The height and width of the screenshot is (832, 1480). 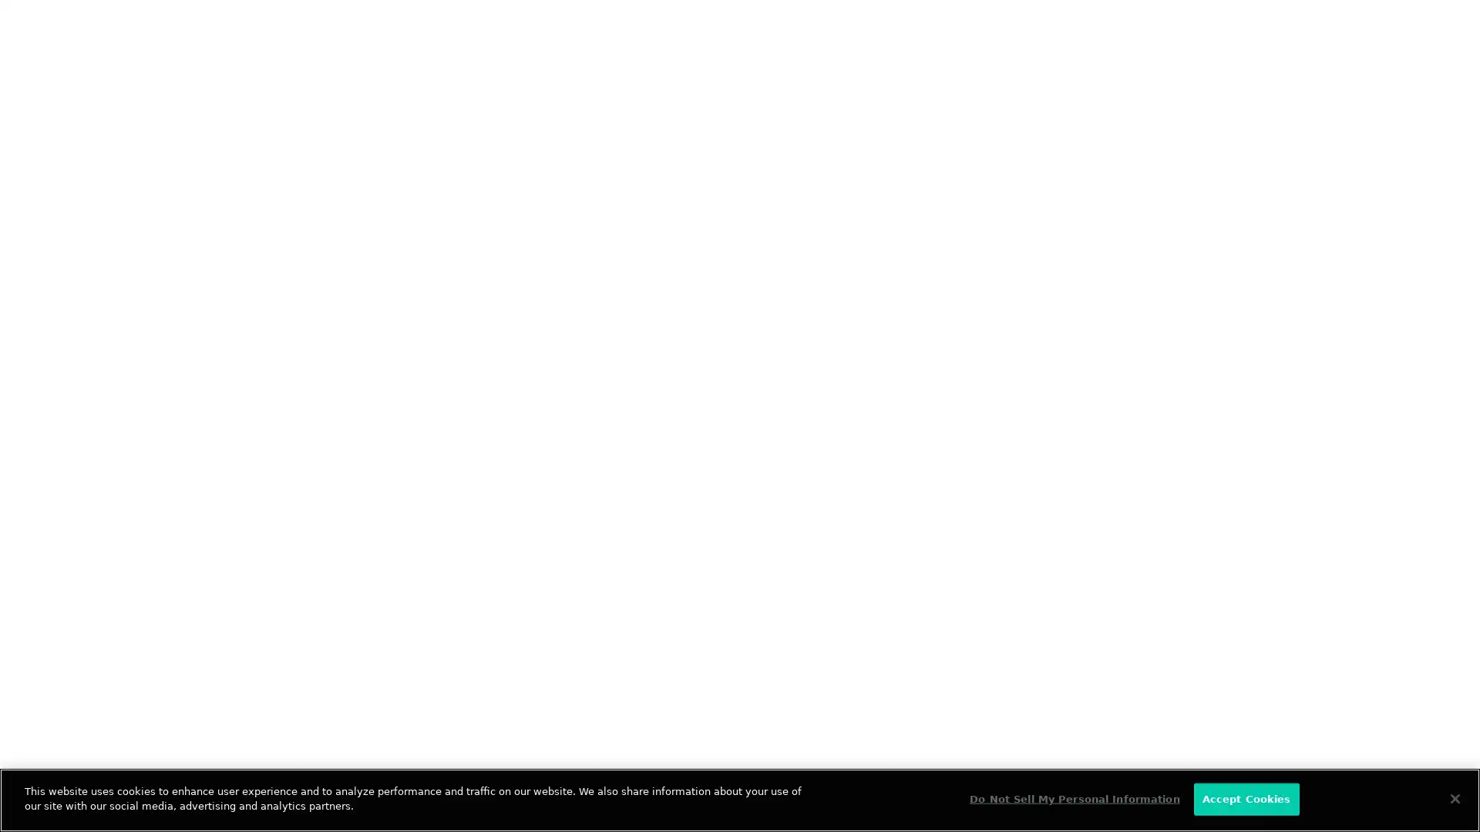 I want to click on Do Not Sell My Personal Information, so click(x=1073, y=798).